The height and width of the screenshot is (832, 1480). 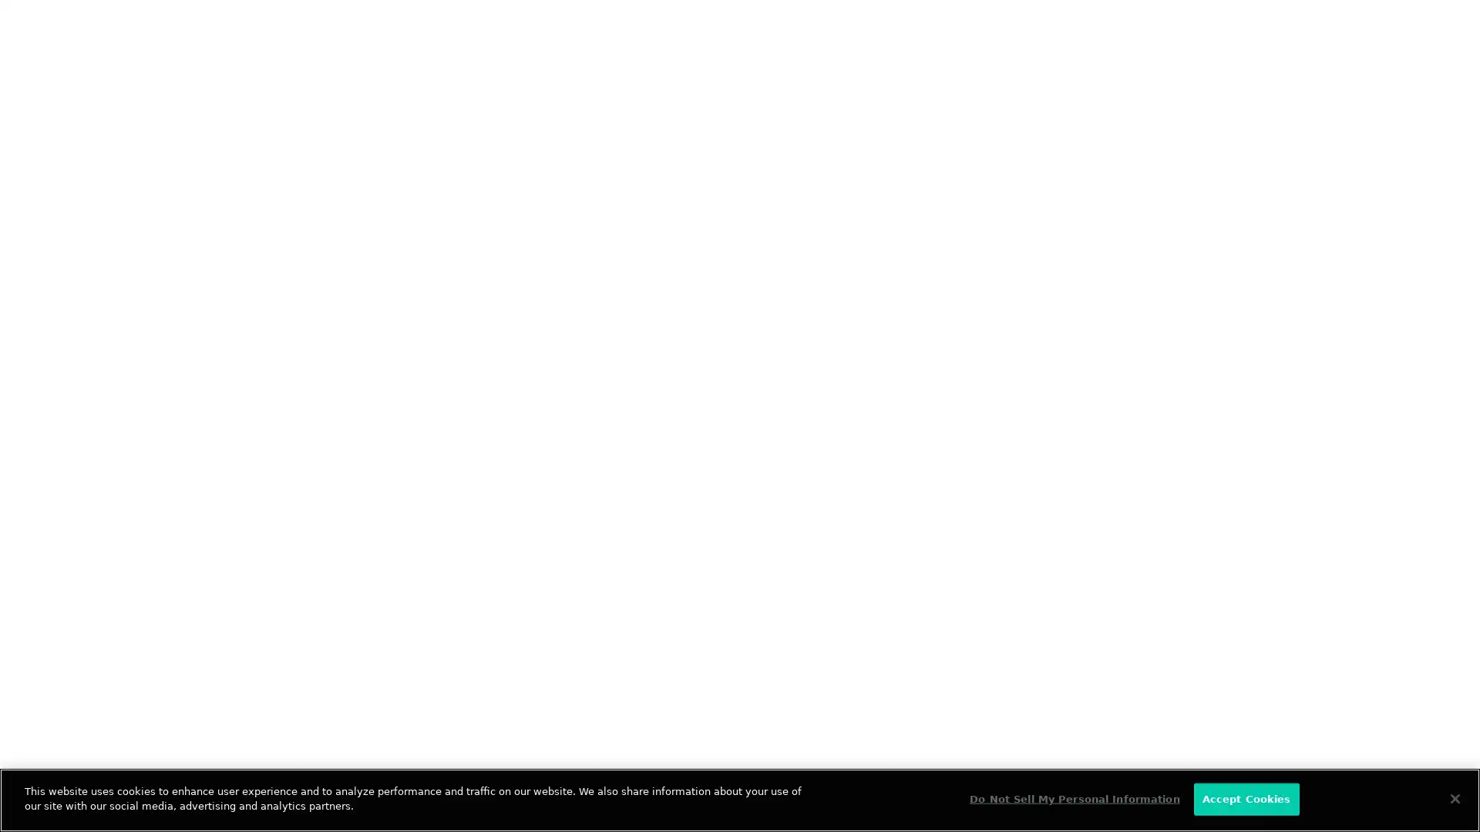 I want to click on Do Not Sell My Personal Information, so click(x=1073, y=798).